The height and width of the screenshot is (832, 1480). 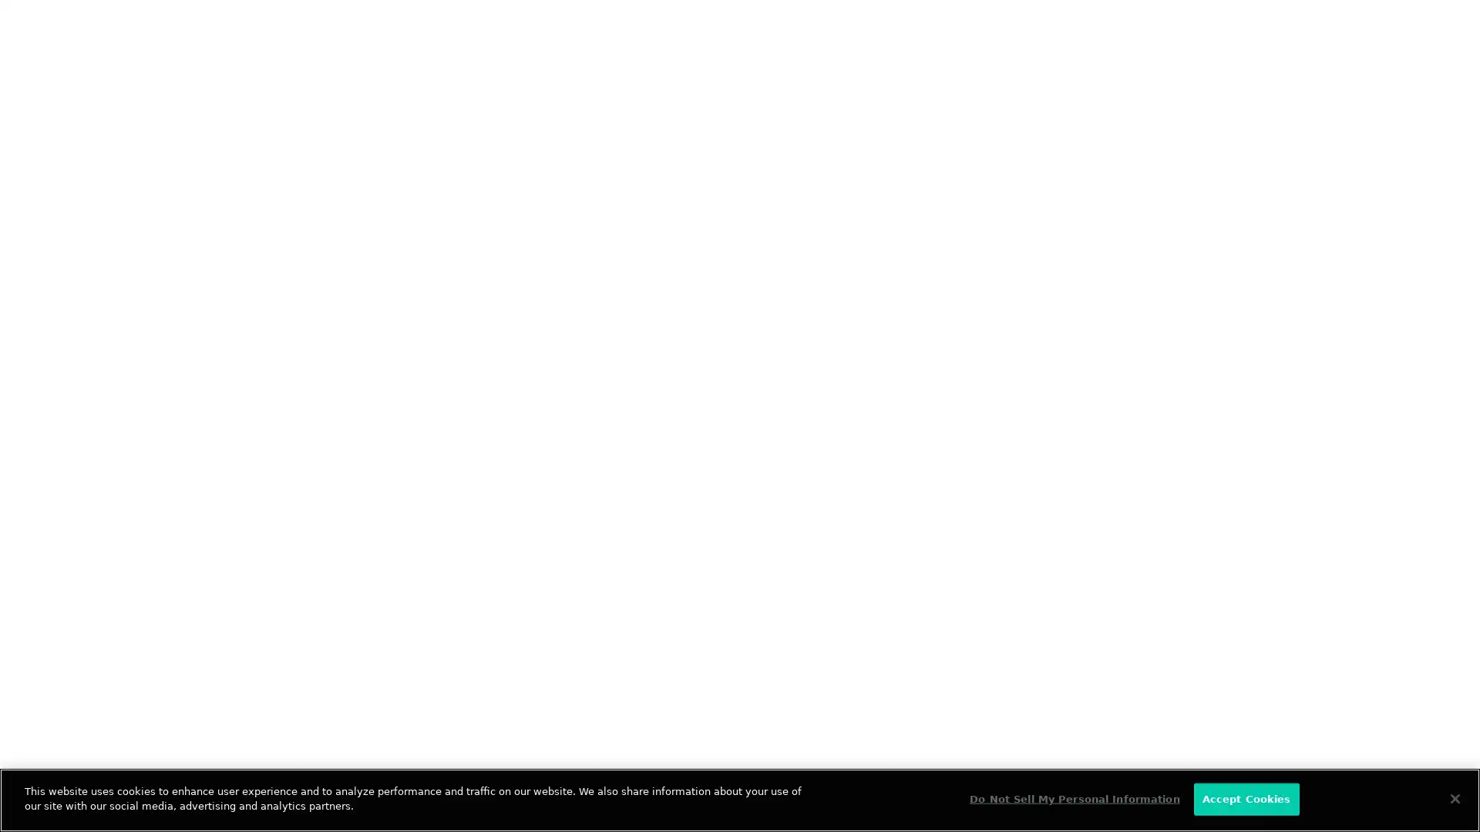 I want to click on Do Not Sell My Personal Information, so click(x=1073, y=798).